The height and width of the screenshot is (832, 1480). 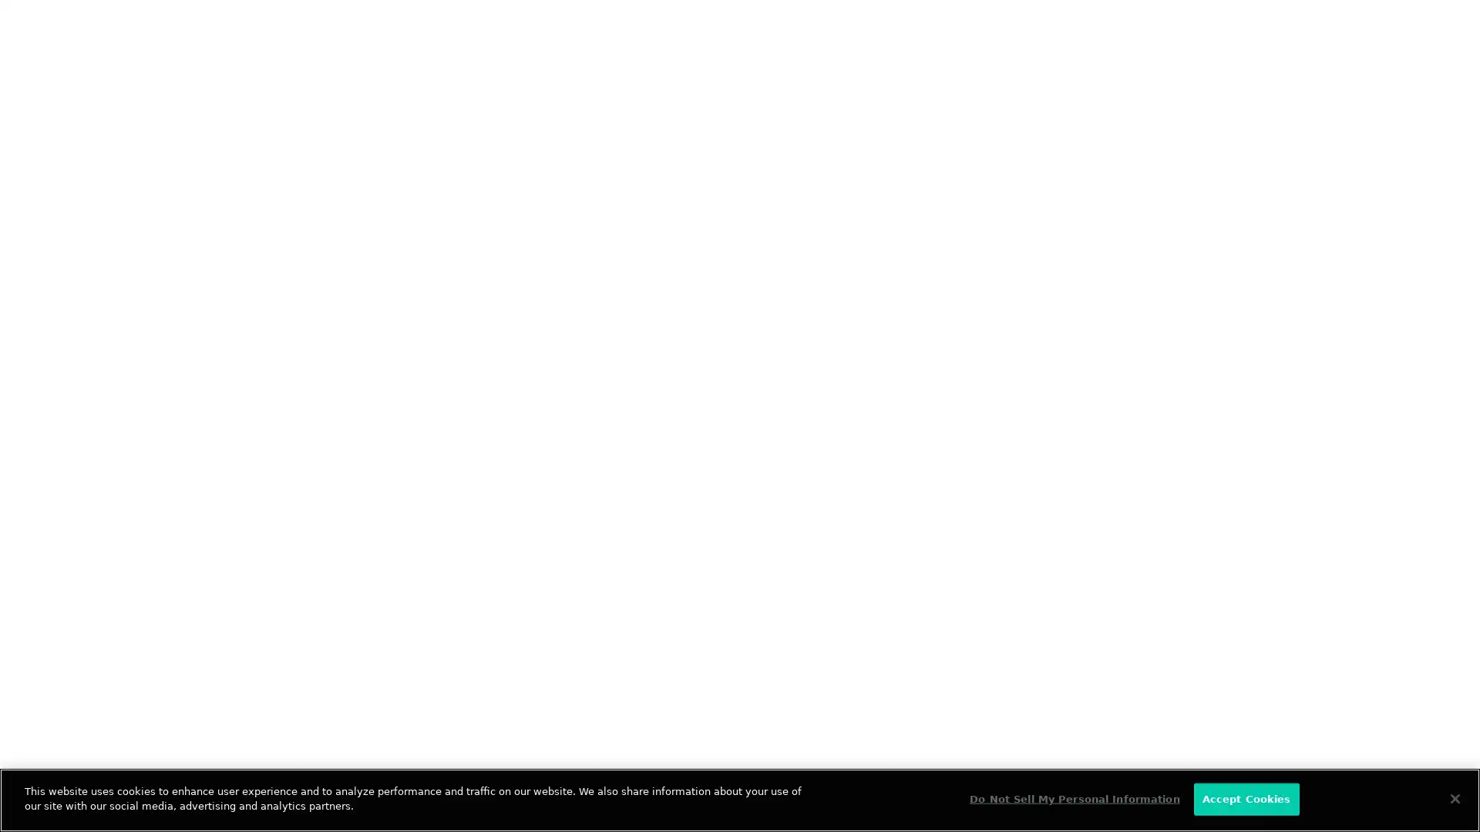 I want to click on Do Not Sell My Personal Information, so click(x=1073, y=798).